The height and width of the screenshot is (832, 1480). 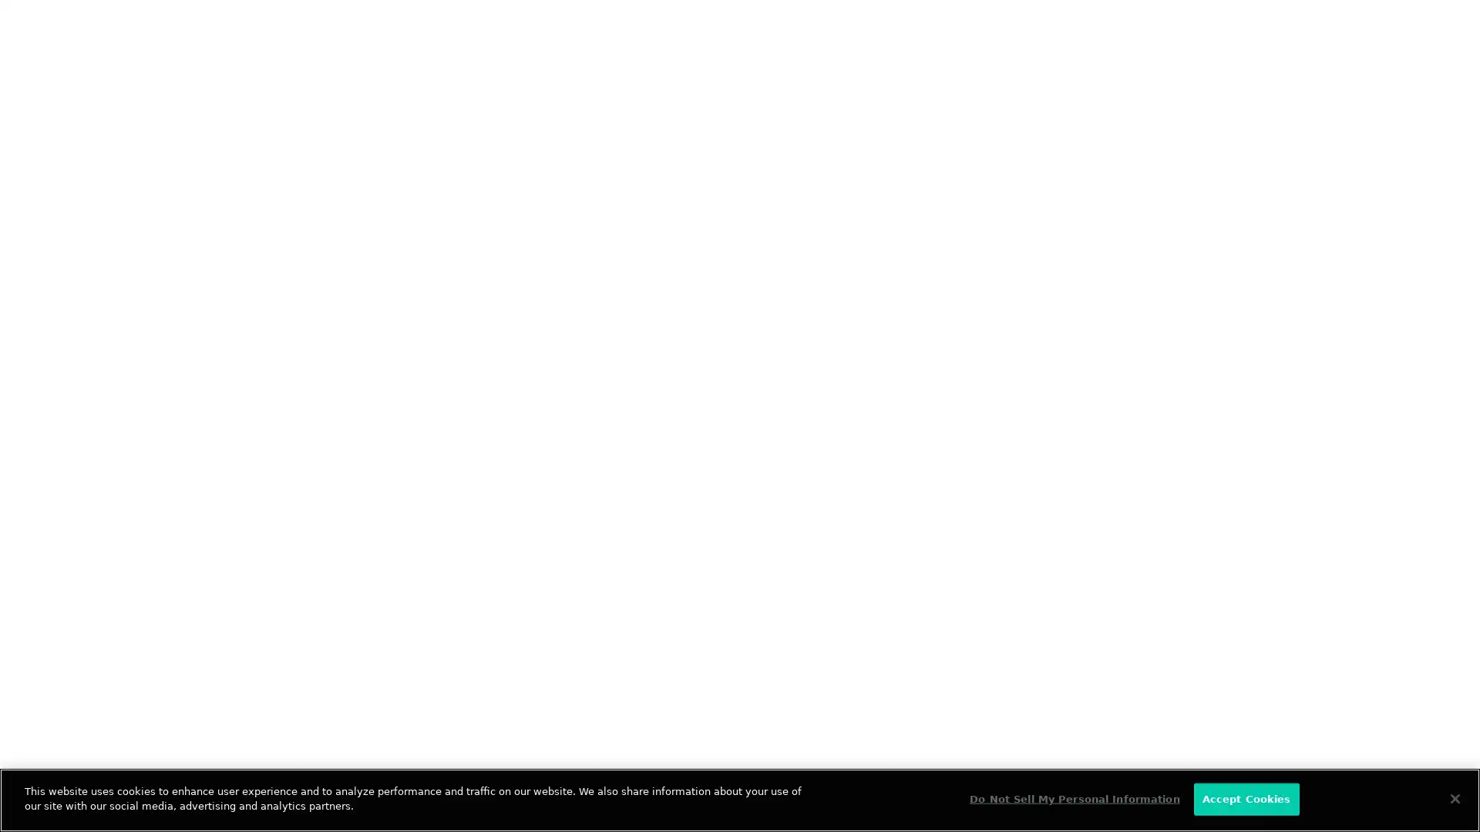 I want to click on Do Not Sell My Personal Information, so click(x=1073, y=798).